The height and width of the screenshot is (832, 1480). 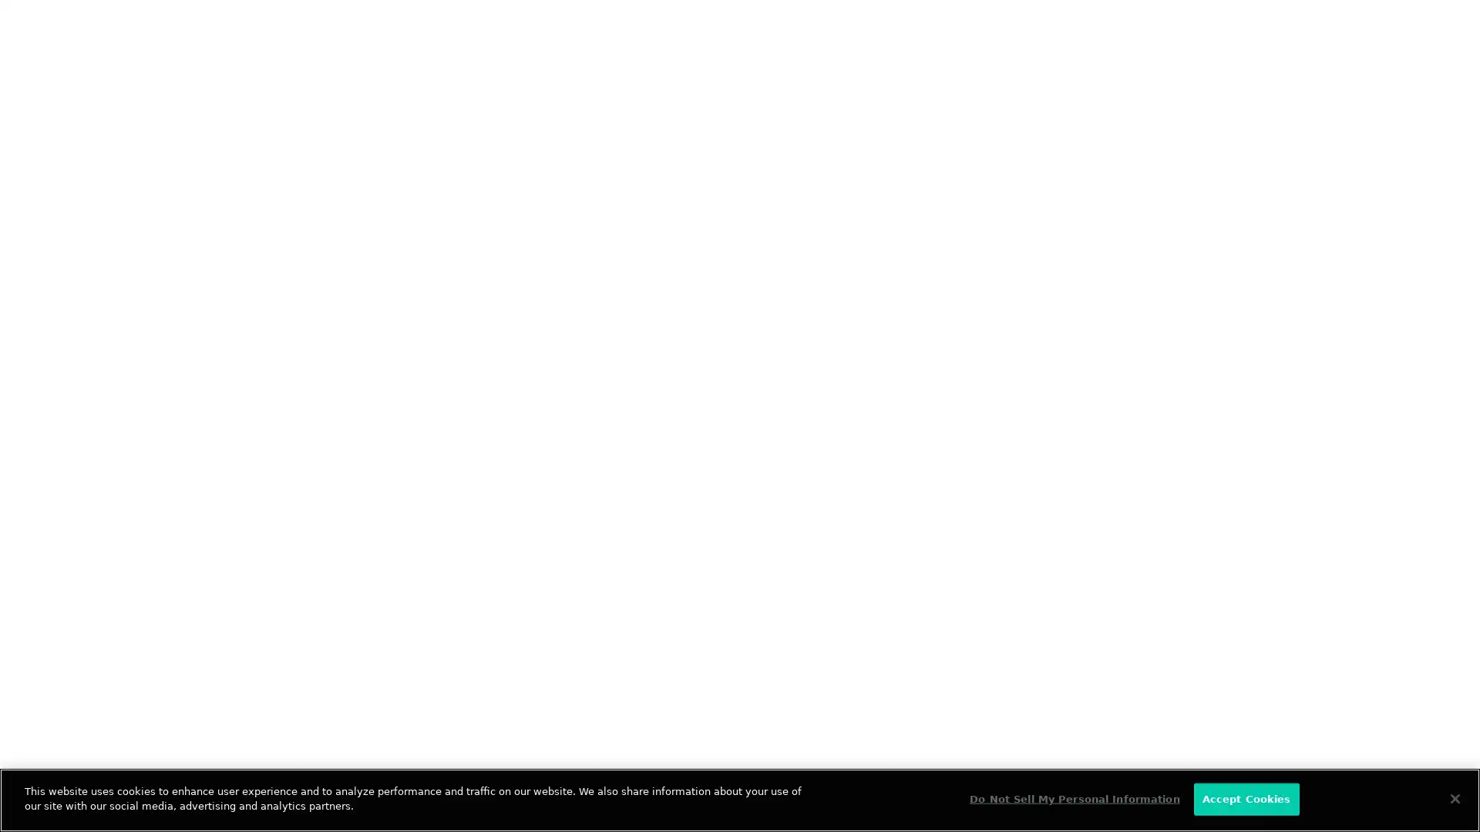 I want to click on Do Not Sell My Personal Information, so click(x=1073, y=798).